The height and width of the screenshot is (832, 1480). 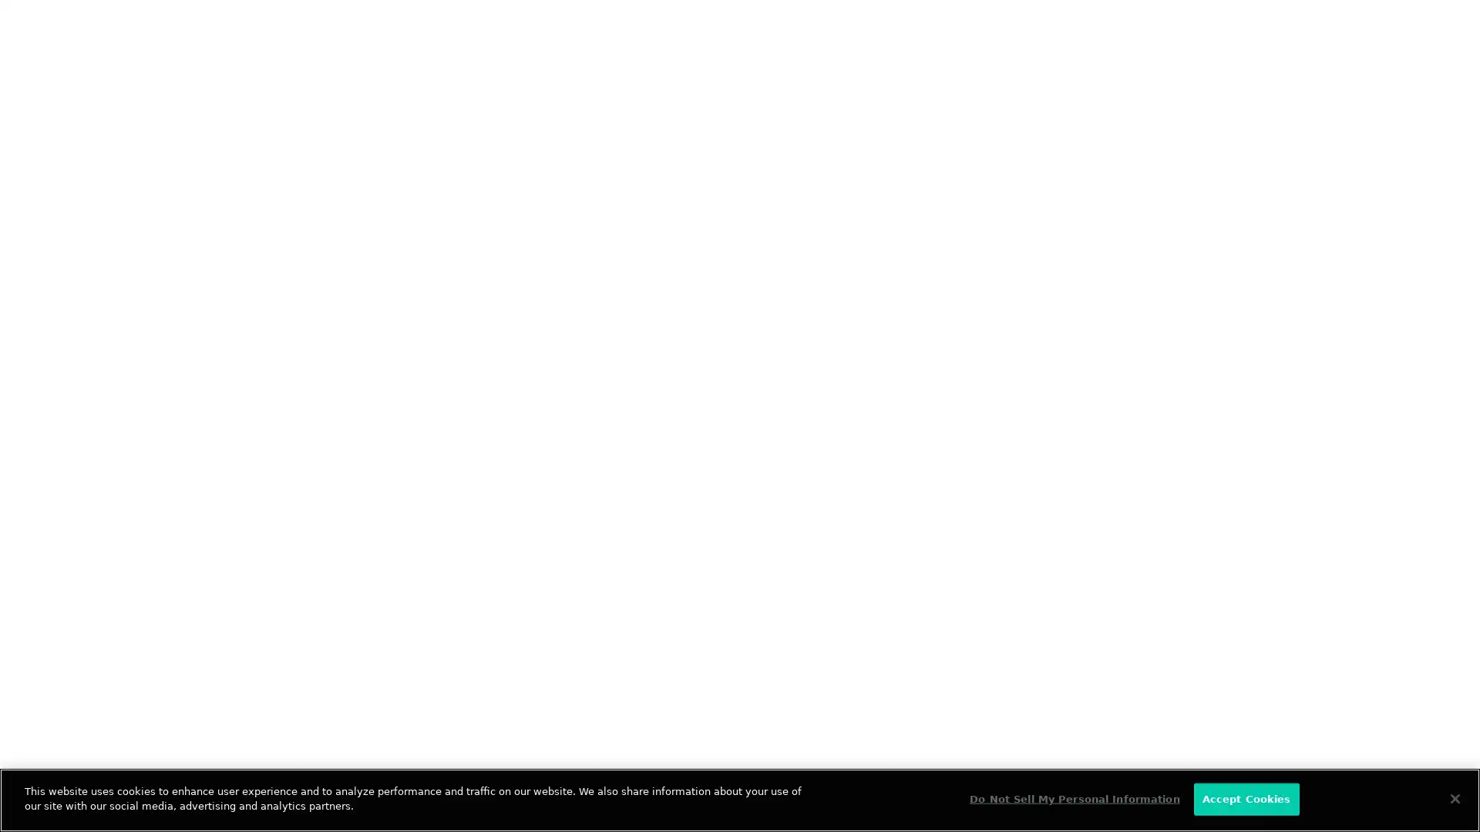 I want to click on Do Not Sell My Personal Information, so click(x=1073, y=798).